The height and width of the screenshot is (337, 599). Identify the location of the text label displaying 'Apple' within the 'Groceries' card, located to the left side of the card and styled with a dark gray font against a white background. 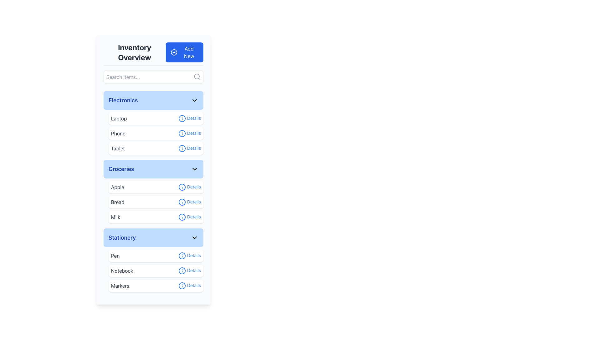
(117, 187).